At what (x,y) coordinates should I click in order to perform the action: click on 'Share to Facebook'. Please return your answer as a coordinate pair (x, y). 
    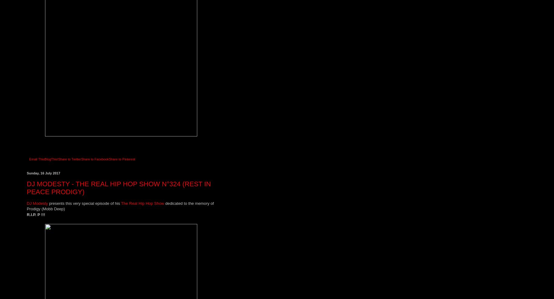
    Looking at the image, I should click on (81, 158).